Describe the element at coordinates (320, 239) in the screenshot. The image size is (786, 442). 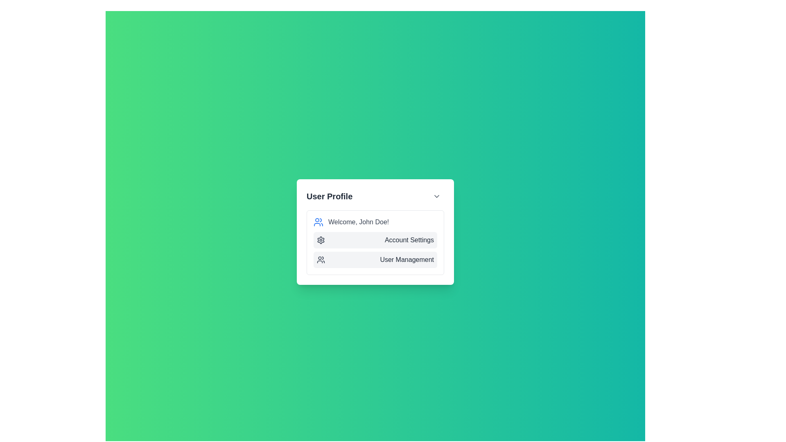
I see `the cogwheel graphic icon, which is the settings symbol located in the 'Account Settings' row of the 'User Profile' dropdown component` at that location.